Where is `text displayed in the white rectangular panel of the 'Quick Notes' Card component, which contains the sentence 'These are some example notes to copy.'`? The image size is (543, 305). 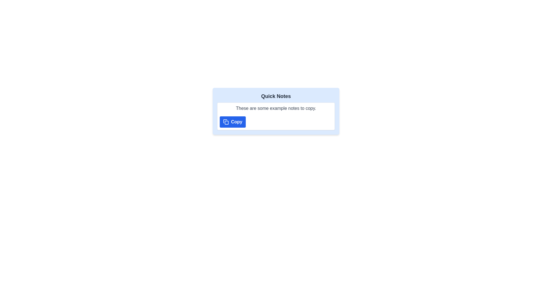
text displayed in the white rectangular panel of the 'Quick Notes' Card component, which contains the sentence 'These are some example notes to copy.' is located at coordinates (276, 111).